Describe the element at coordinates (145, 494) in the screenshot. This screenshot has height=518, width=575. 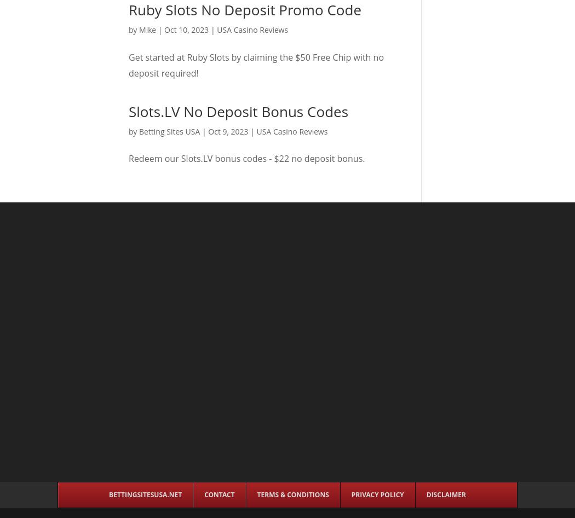
I see `'BettingSitesUSA.net'` at that location.